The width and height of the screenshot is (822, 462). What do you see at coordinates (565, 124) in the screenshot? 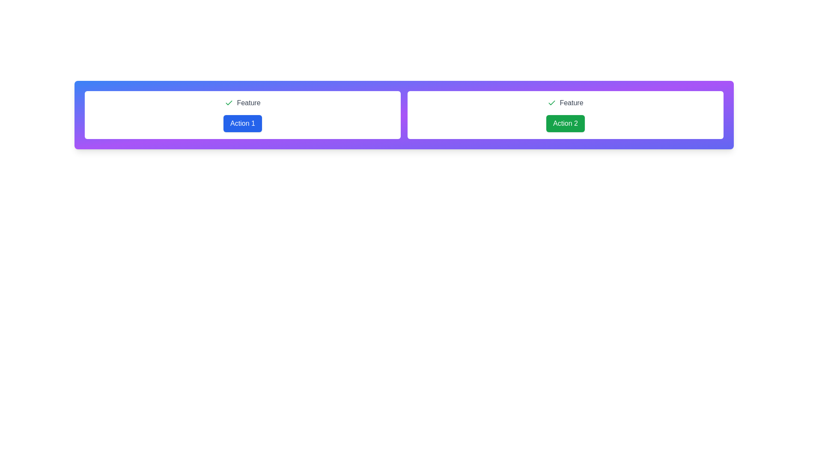
I see `the button located in the second column of a horizontally arranged card layout, which is associated with the label 'Feature'` at bounding box center [565, 124].